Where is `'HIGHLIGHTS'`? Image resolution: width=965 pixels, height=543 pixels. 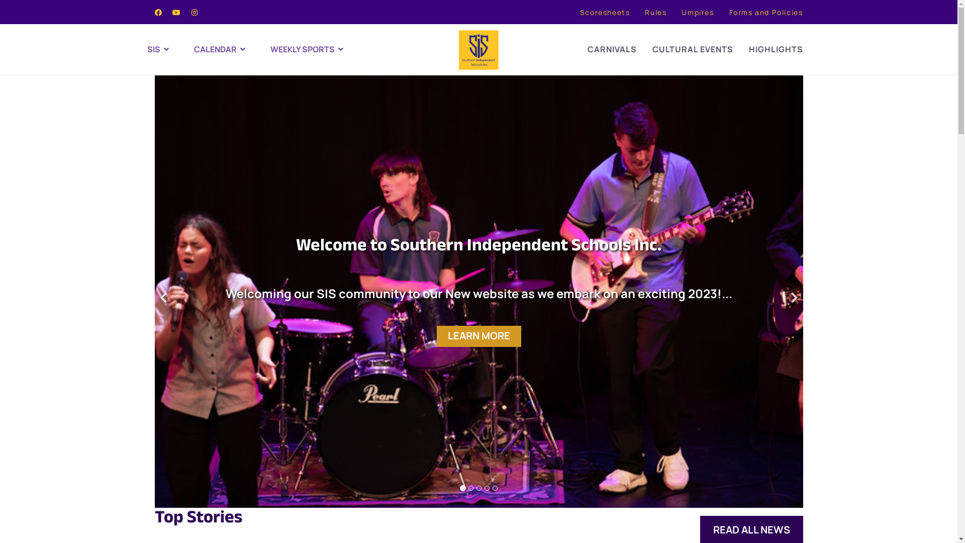
'HIGHLIGHTS' is located at coordinates (776, 49).